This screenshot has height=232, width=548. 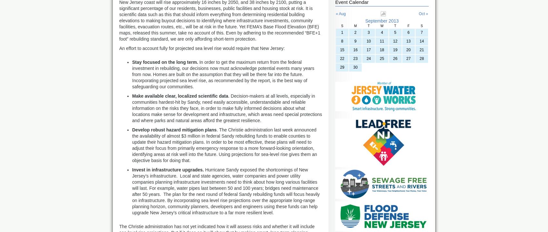 What do you see at coordinates (174, 130) in the screenshot?
I see `'Develop robust hazard mitigation plans'` at bounding box center [174, 130].